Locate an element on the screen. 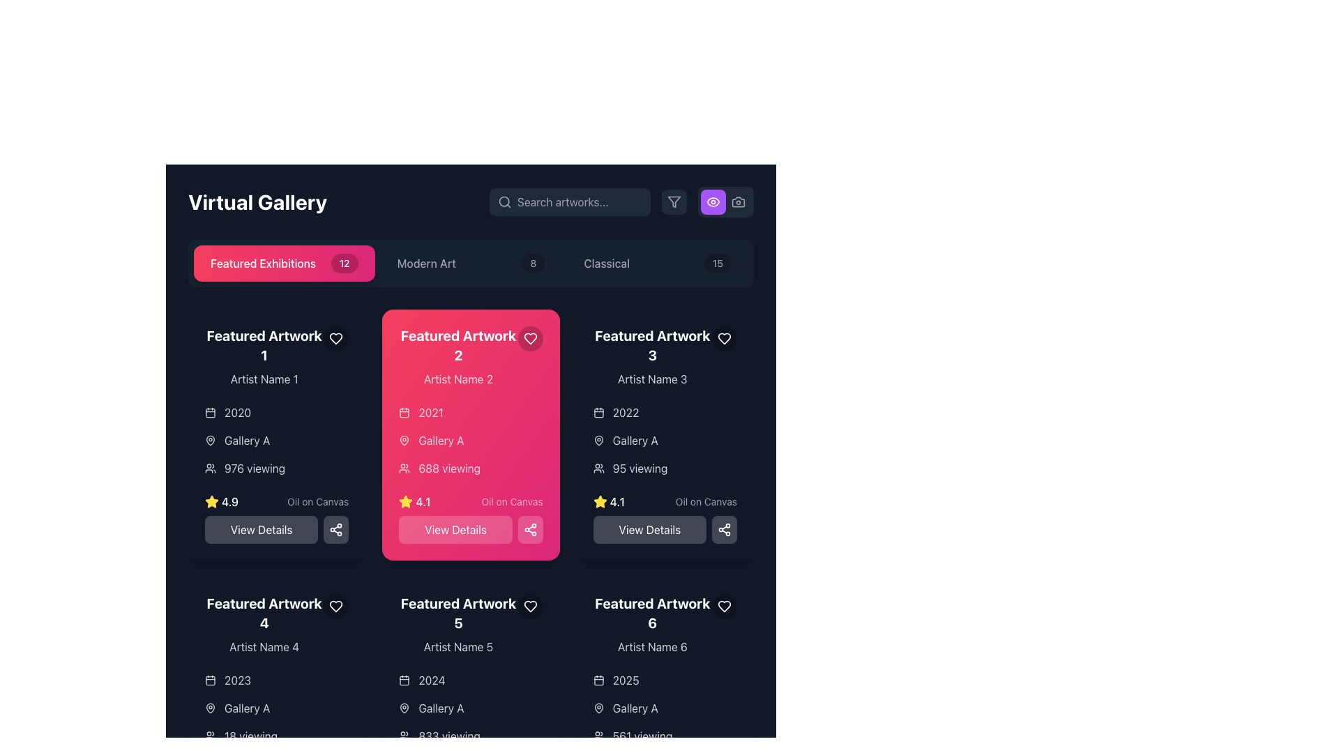 The width and height of the screenshot is (1339, 753). informational text label indicating the gallery associated with the artwork, located in the 'Featured Artwork 5' section, to the right of the map pin icon and below the year '2024' is located at coordinates (441, 708).